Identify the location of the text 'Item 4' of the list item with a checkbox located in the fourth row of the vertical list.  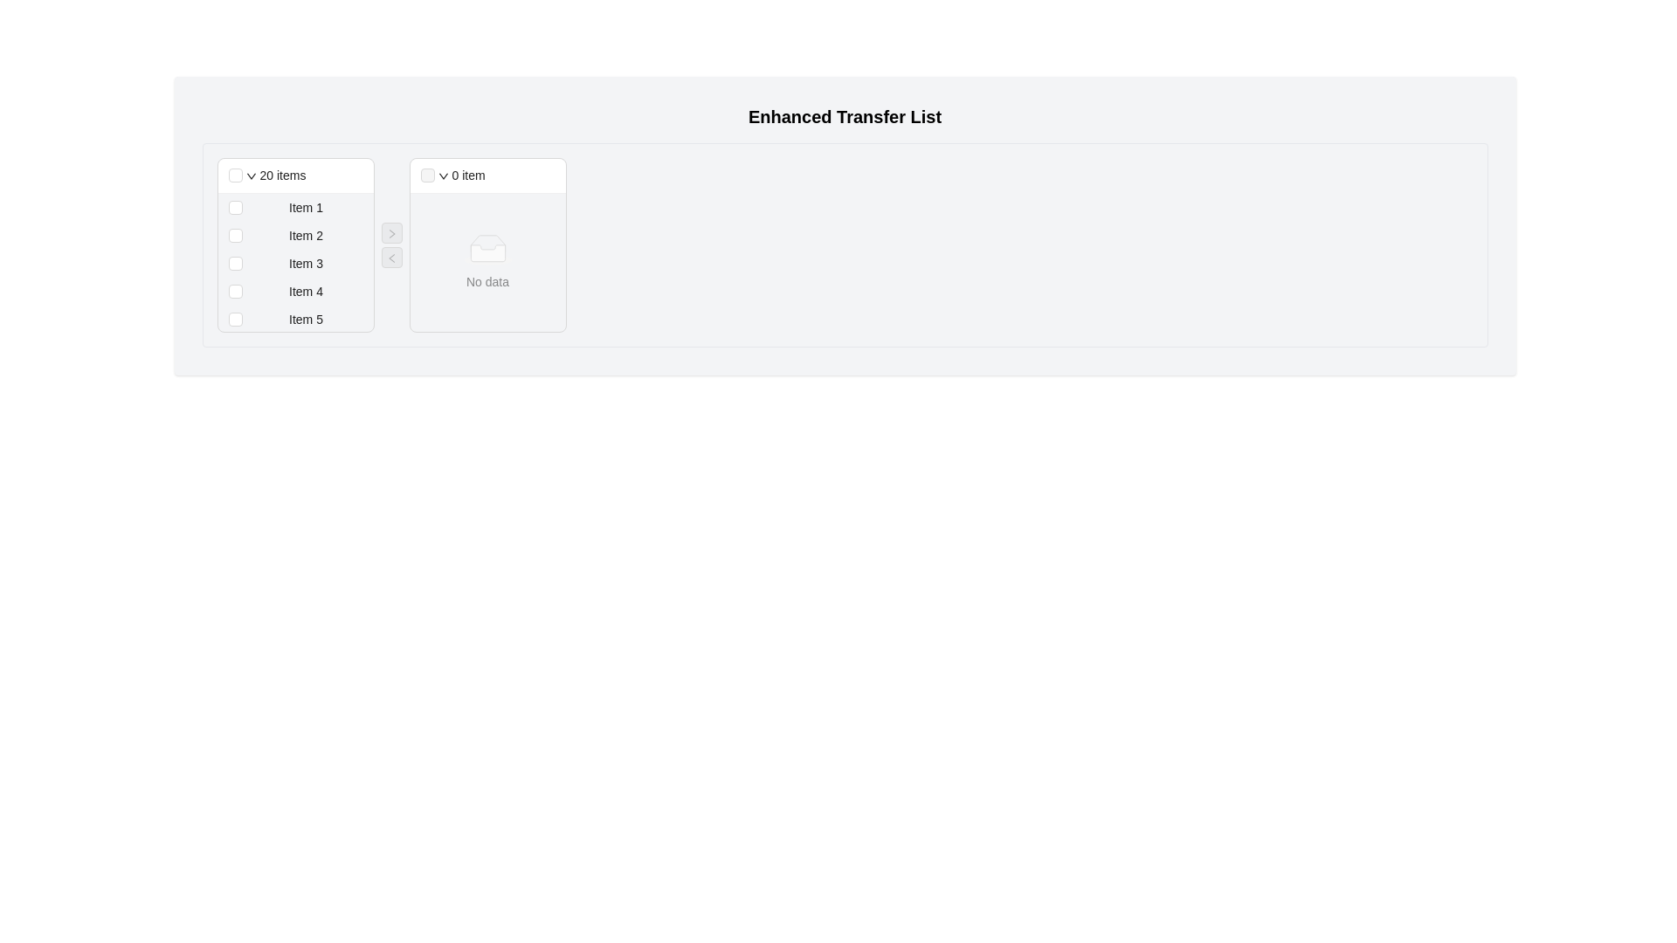
(295, 291).